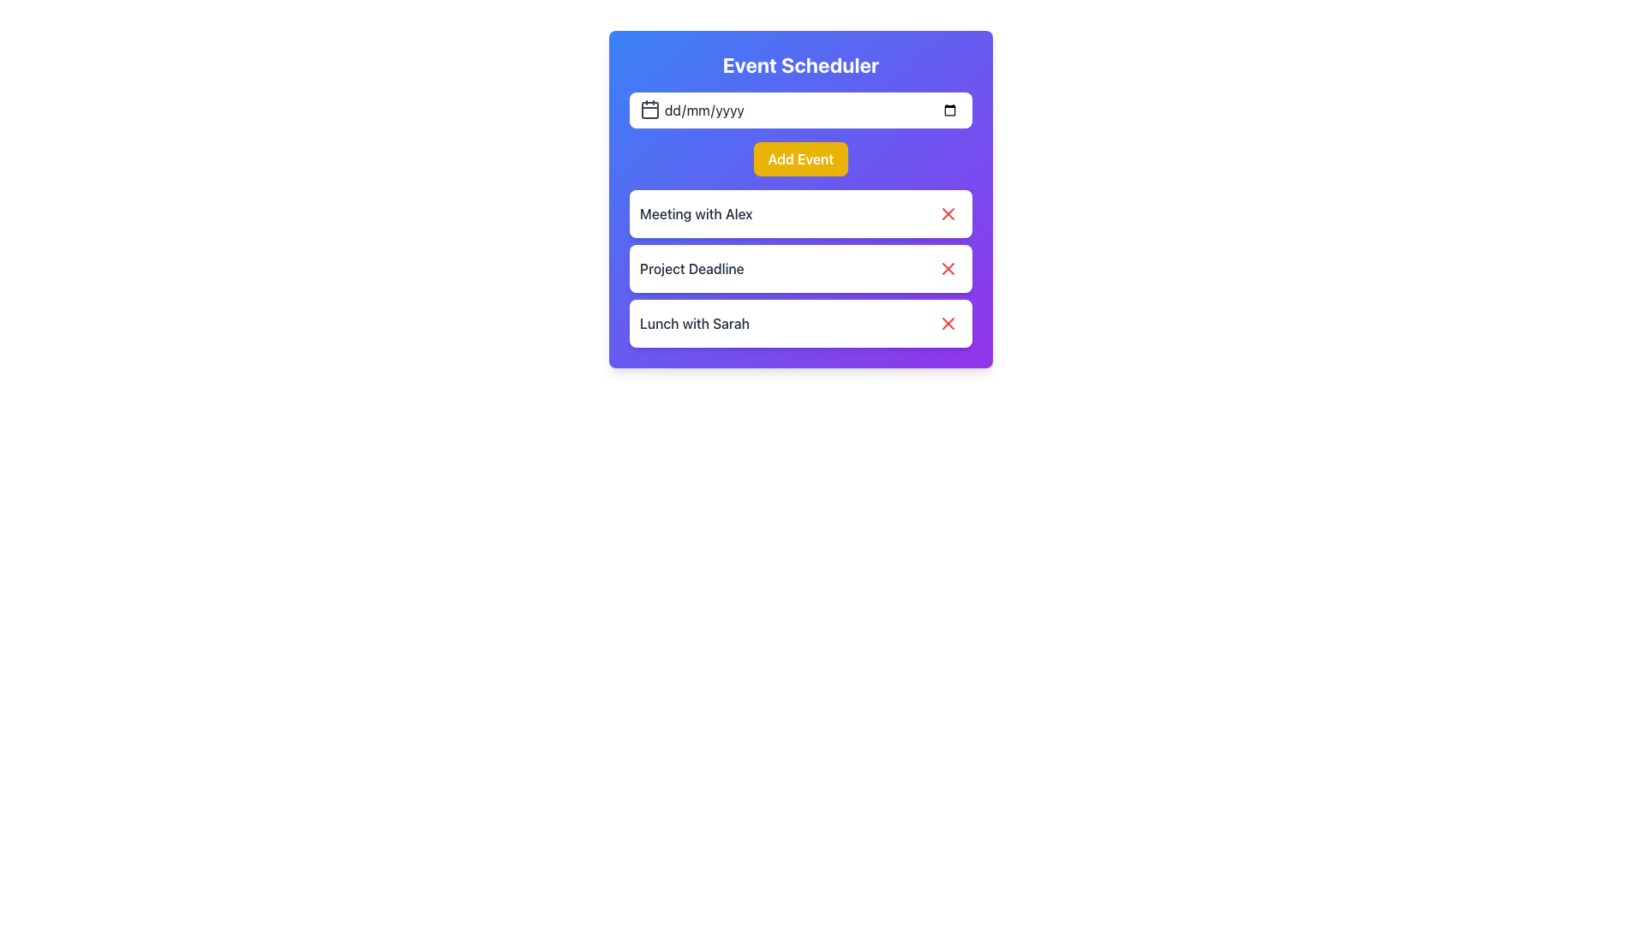 This screenshot has width=1645, height=925. I want to click on the delete button located to the right of 'Lunch with Sarah' in the third list item, so click(948, 324).